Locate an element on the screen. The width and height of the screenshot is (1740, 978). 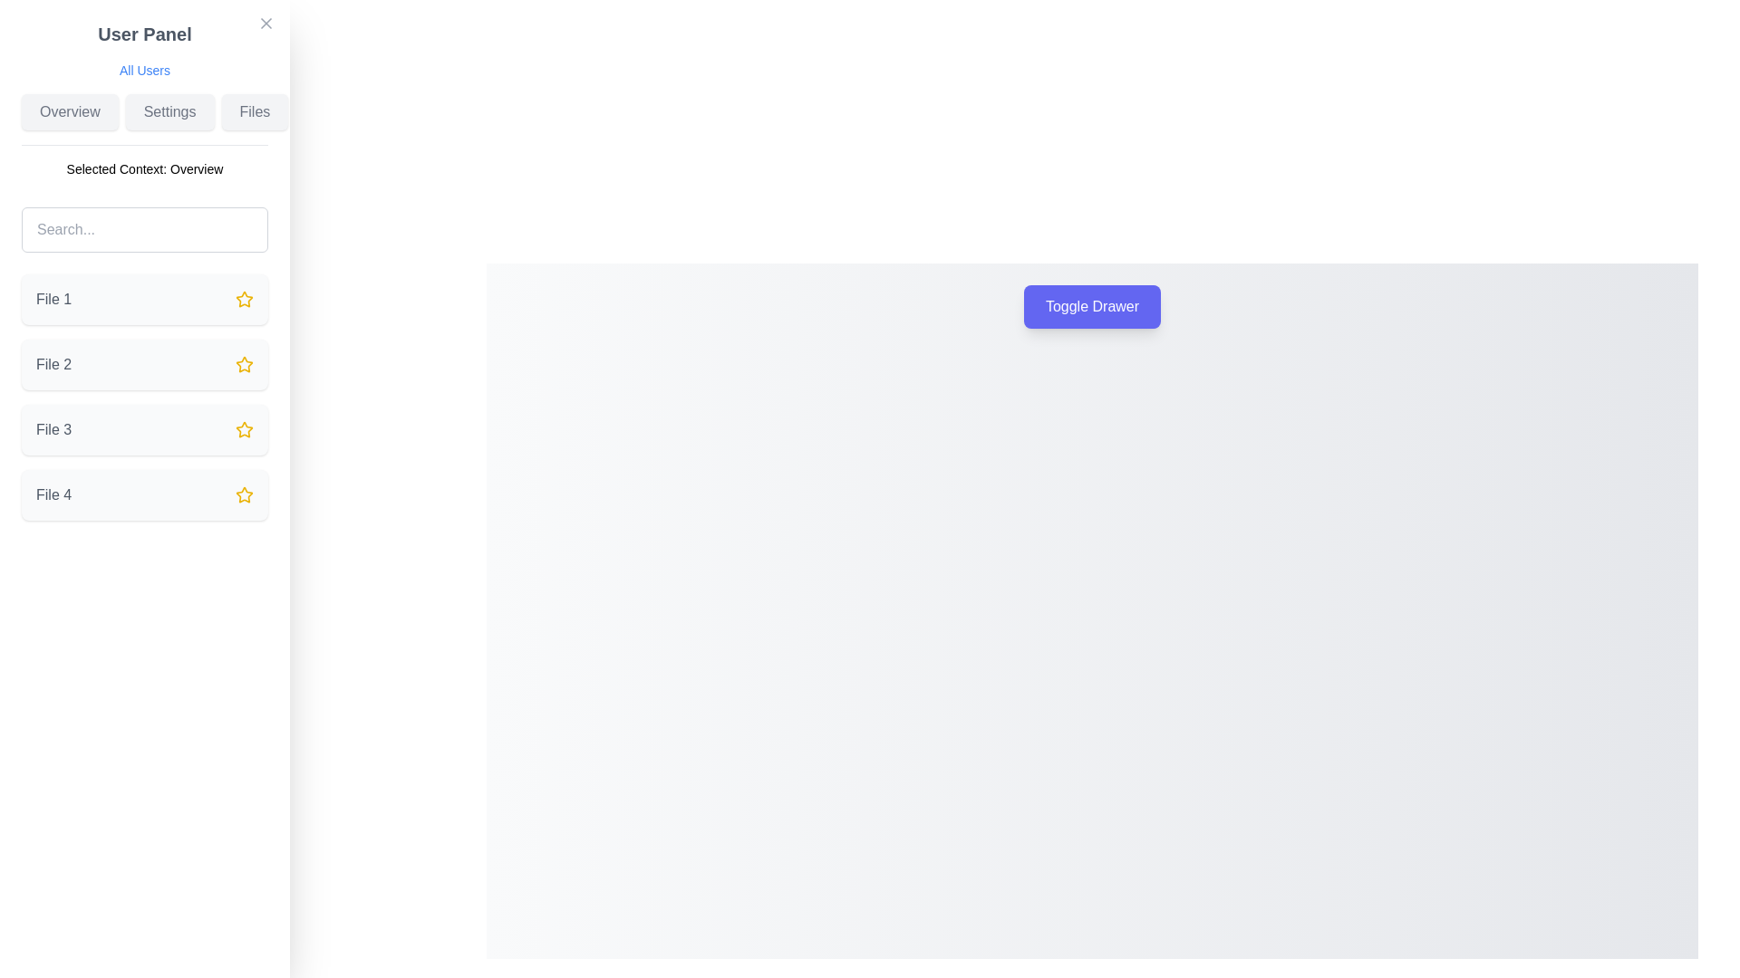
the informational text label displaying the currently selected context 'Overview', located in the User Panel on the left side of the interface is located at coordinates (143, 168).